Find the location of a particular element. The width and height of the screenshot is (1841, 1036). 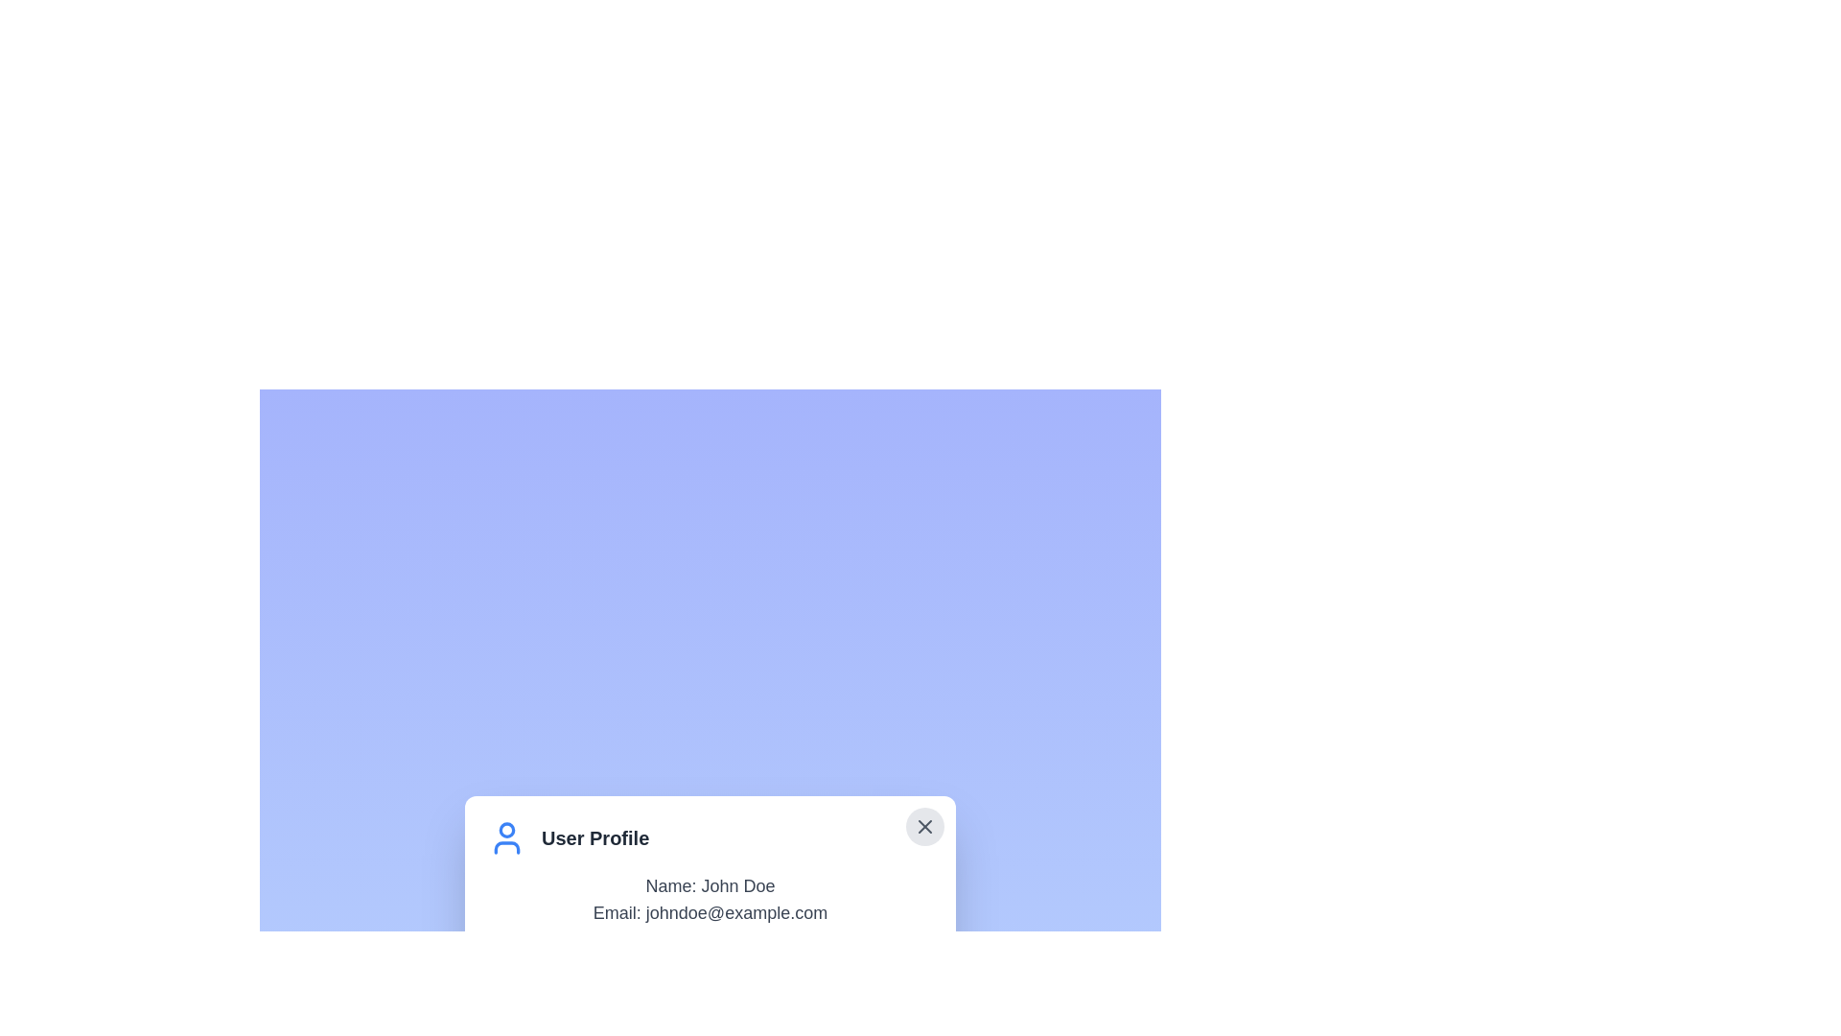

the Static Text Block that displays the user's name and email address, positioned below the 'User Profile' heading in a white card interface is located at coordinates (709, 899).